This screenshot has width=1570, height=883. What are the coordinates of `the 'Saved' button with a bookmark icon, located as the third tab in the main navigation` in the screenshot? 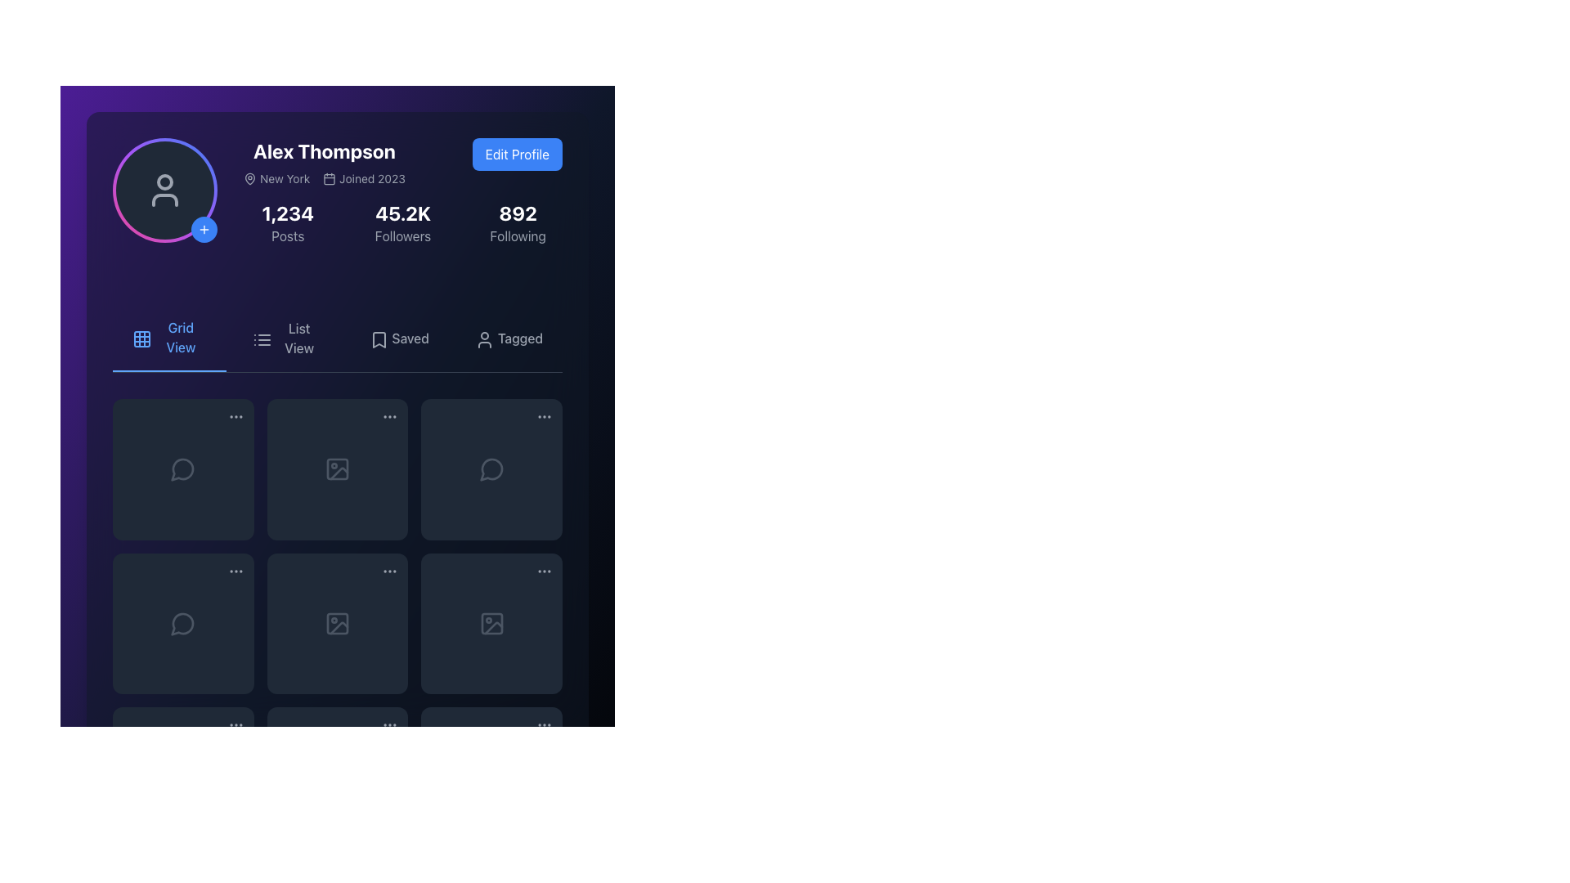 It's located at (399, 337).